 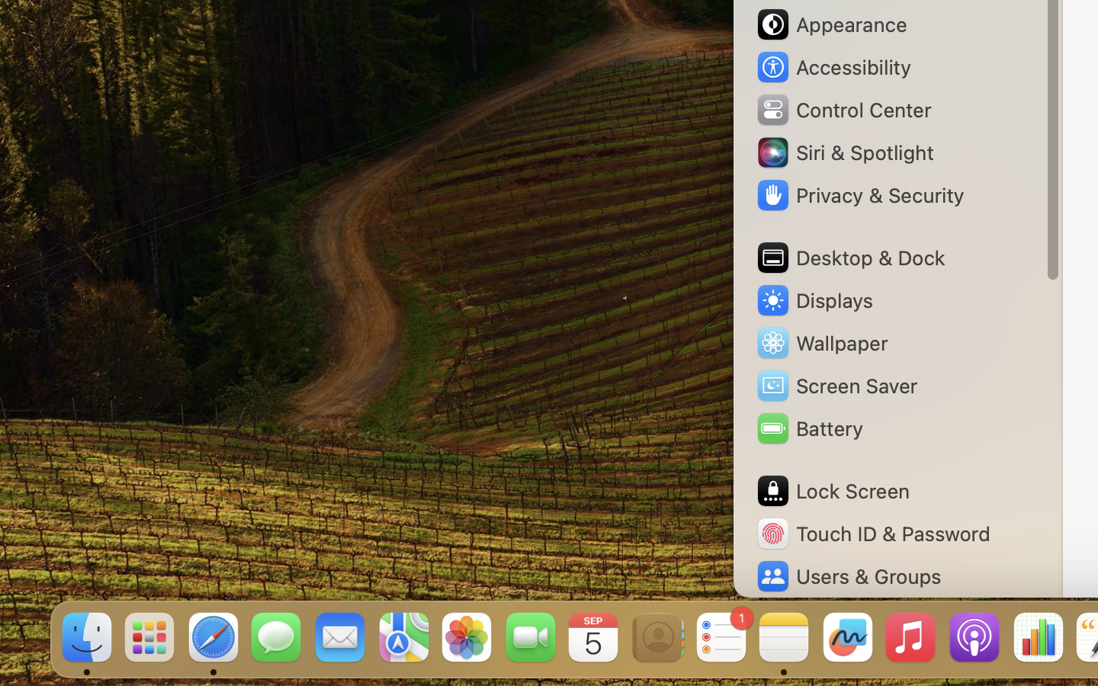 What do you see at coordinates (831, 491) in the screenshot?
I see `'Lock Screen'` at bounding box center [831, 491].